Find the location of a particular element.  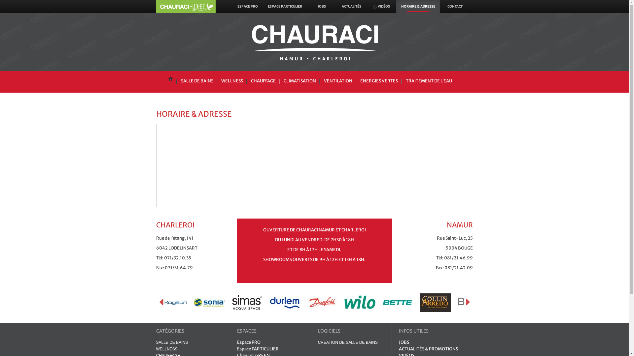

'HORAIRE & ADRESSE' is located at coordinates (418, 6).